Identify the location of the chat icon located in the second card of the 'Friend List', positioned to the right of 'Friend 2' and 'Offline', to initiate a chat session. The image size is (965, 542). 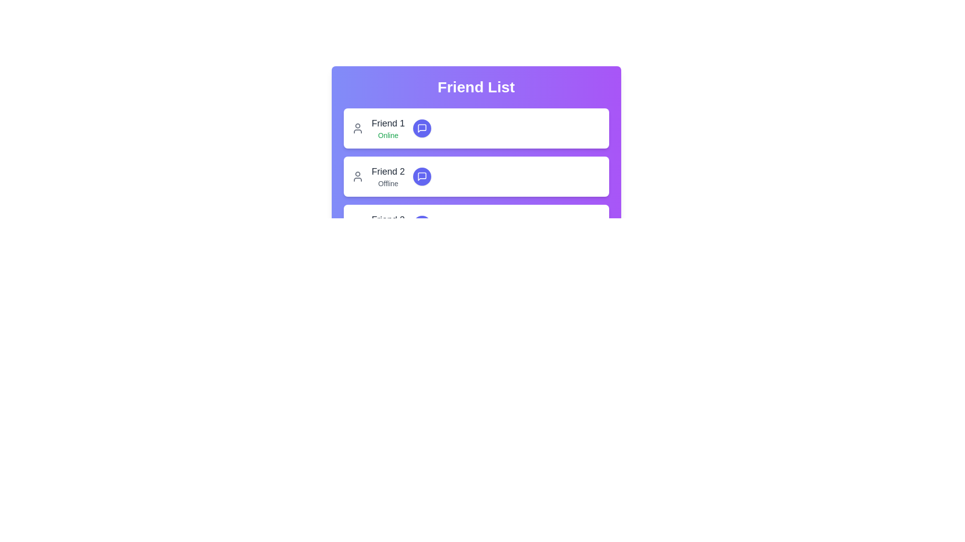
(422, 176).